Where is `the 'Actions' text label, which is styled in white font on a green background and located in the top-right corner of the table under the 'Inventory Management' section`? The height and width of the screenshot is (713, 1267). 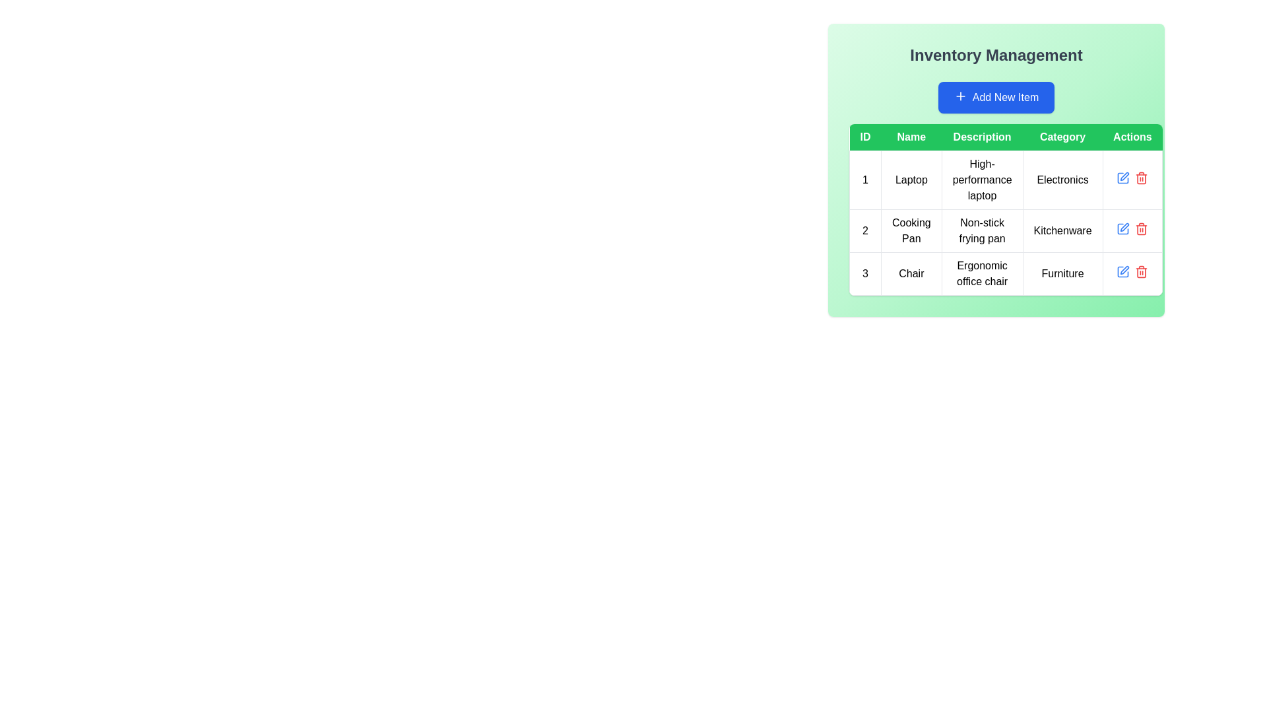 the 'Actions' text label, which is styled in white font on a green background and located in the top-right corner of the table under the 'Inventory Management' section is located at coordinates (1132, 137).